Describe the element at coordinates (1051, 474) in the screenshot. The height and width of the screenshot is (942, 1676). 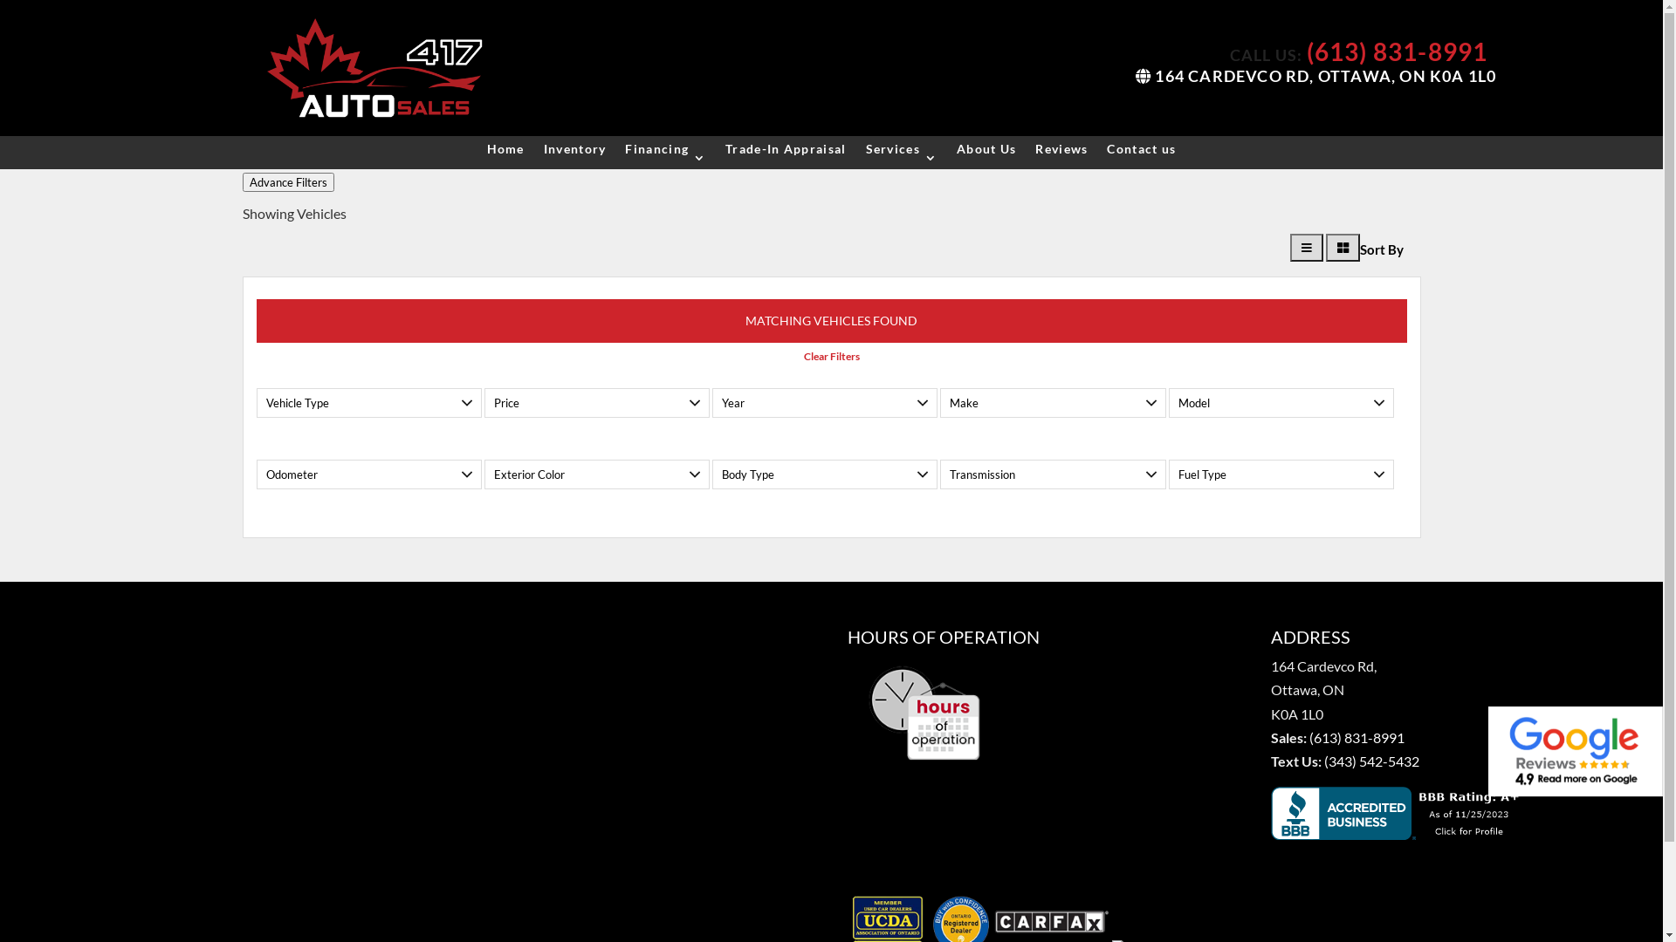
I see `'Transmission'` at that location.